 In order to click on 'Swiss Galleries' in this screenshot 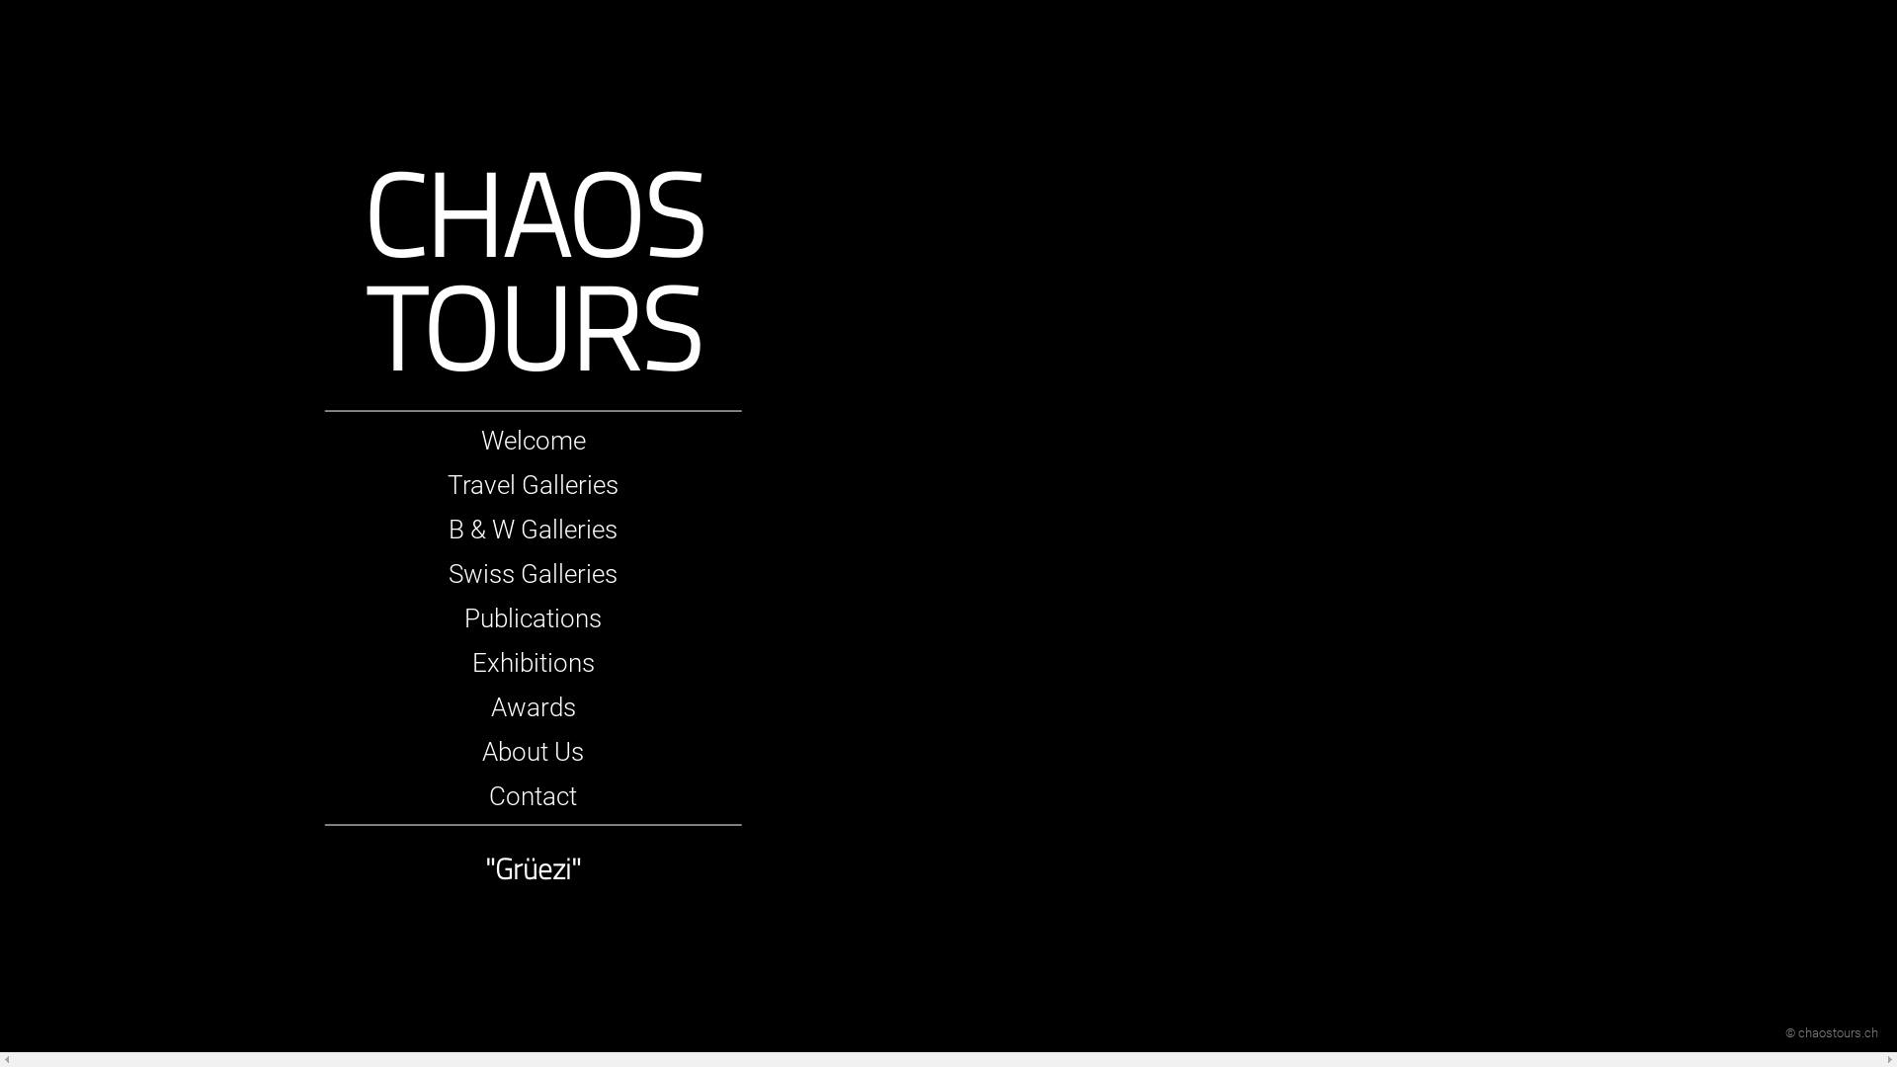, I will do `click(533, 574)`.